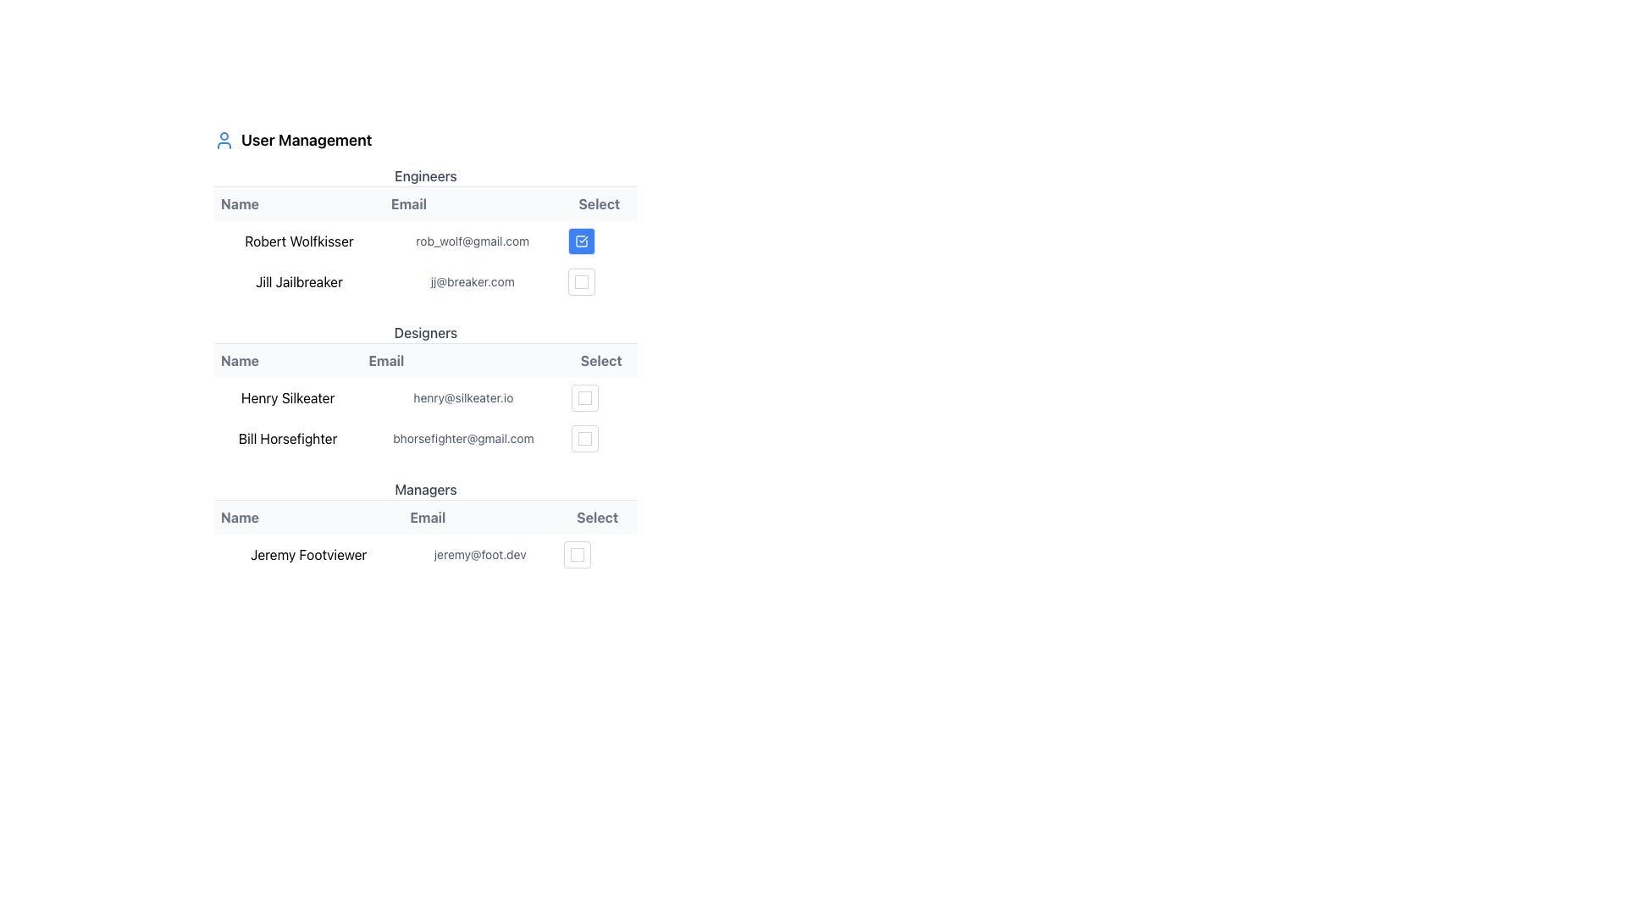 The height and width of the screenshot is (915, 1626). What do you see at coordinates (581, 241) in the screenshot?
I see `the blue button with a white icon located` at bounding box center [581, 241].